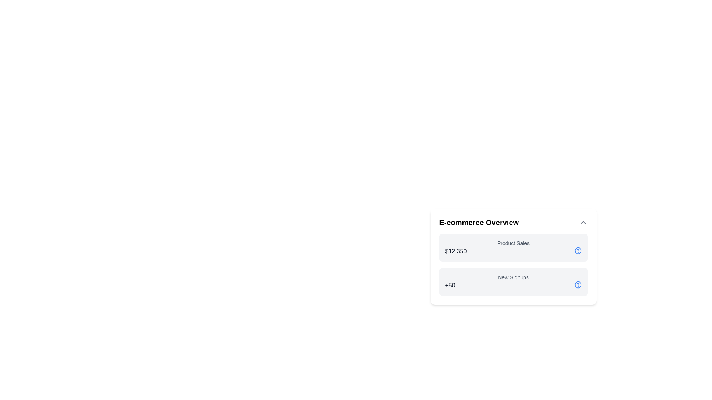 This screenshot has height=400, width=712. Describe the element at coordinates (513, 222) in the screenshot. I see `the Section Header with a Toggle Button located at the top of the card-like component, which contains 'Product Sales' and 'New Signups' data` at that location.